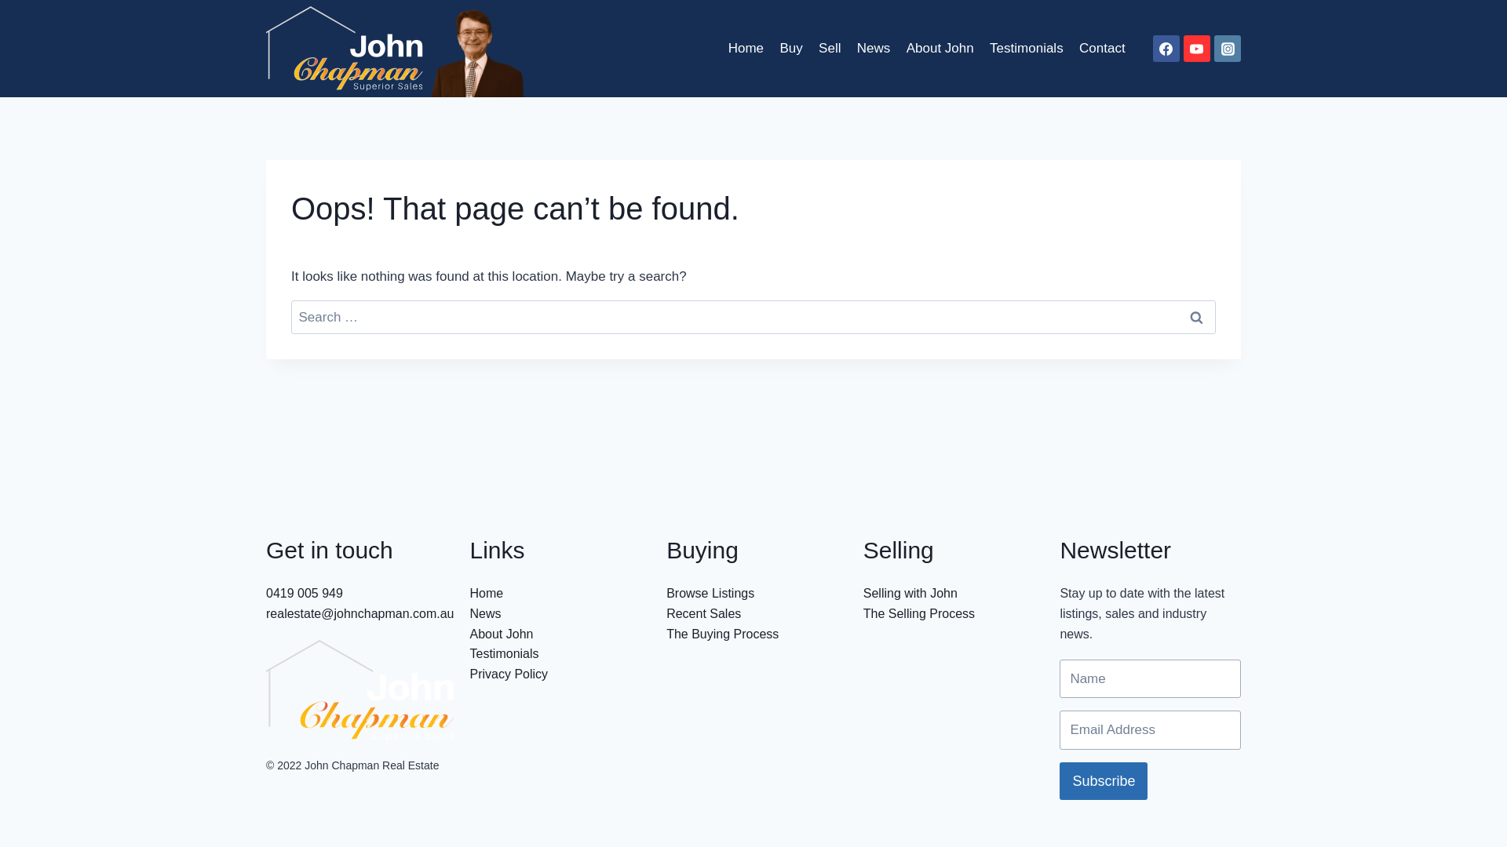  Describe the element at coordinates (305, 593) in the screenshot. I see `'0419 005 949'` at that location.